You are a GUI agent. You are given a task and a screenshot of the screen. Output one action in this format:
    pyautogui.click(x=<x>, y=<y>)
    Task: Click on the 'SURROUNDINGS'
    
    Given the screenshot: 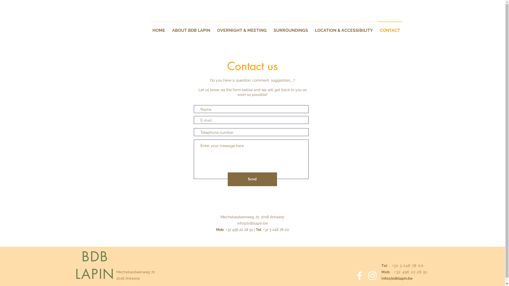 What is the action you would take?
    pyautogui.click(x=270, y=28)
    